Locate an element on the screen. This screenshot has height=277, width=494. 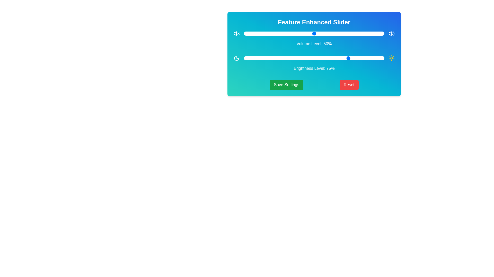
the Icon fragment representing the mute or low volume level, located on the left side of the volume control graphic is located at coordinates (235, 34).